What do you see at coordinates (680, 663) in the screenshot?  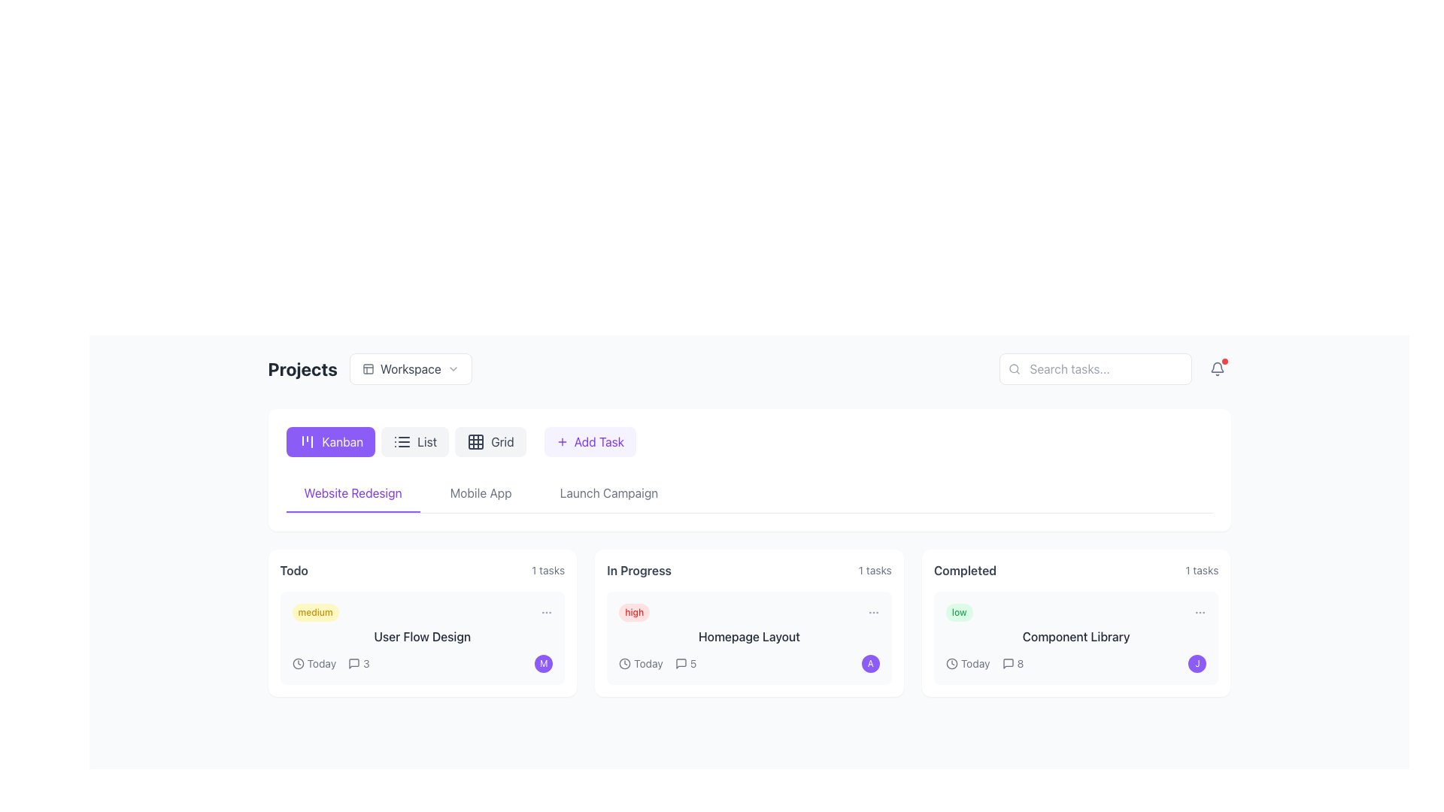 I see `the chat or speech bubble icon located in the 'In Progress' section of the task dashboard, adjacent to the task item titled 'Homepage Layout'` at bounding box center [680, 663].